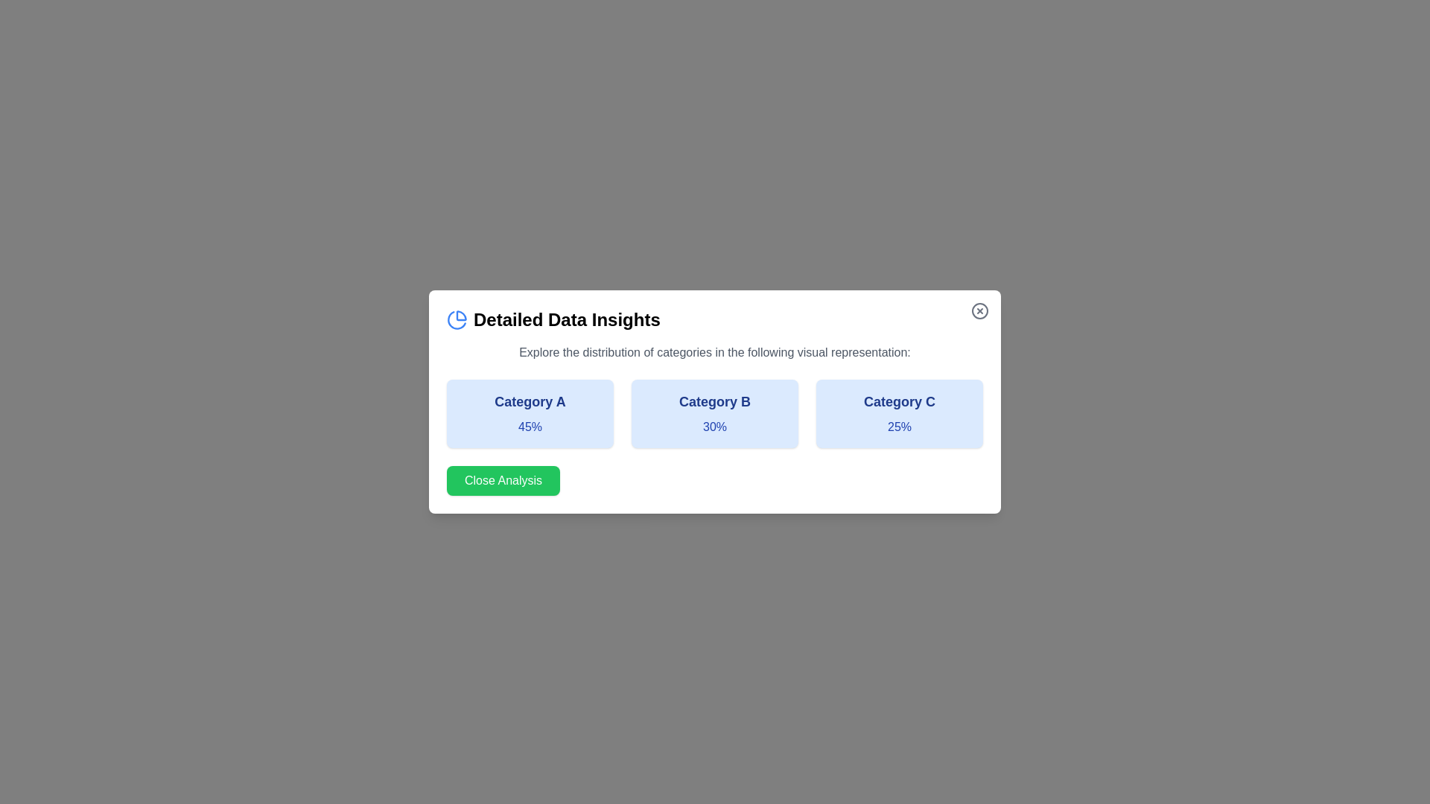 The height and width of the screenshot is (804, 1430). Describe the element at coordinates (457, 319) in the screenshot. I see `the icon representing data-related functionality next to the heading 'Detailed Data Insights' located in the top left corner of the modal window` at that location.